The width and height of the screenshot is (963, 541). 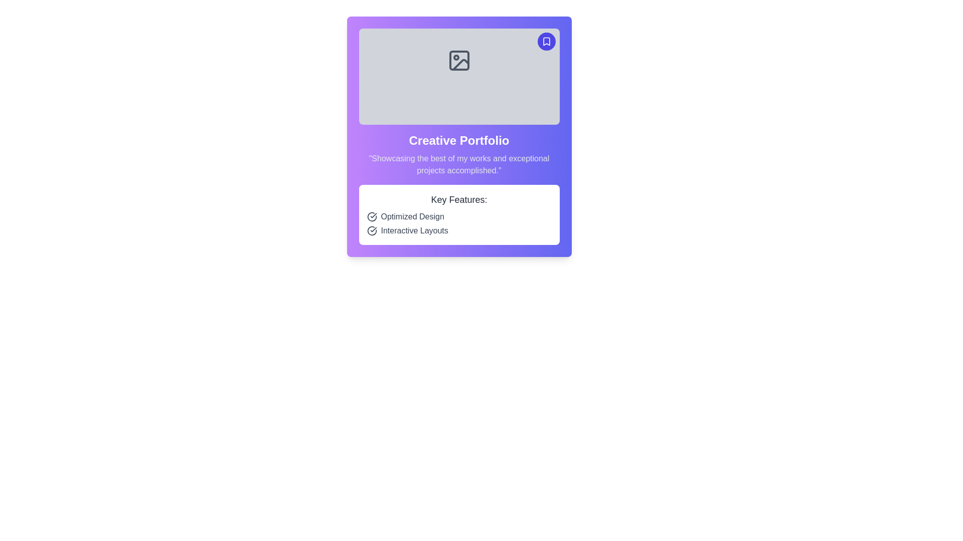 I want to click on the Text Label that serves as a heading for the section above the list of key points such as 'Optimized Design' and 'Interactive Layouts', so click(x=458, y=199).